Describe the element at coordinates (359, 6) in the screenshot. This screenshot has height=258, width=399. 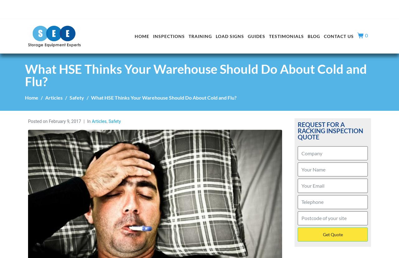
I see `'Accounts'` at that location.